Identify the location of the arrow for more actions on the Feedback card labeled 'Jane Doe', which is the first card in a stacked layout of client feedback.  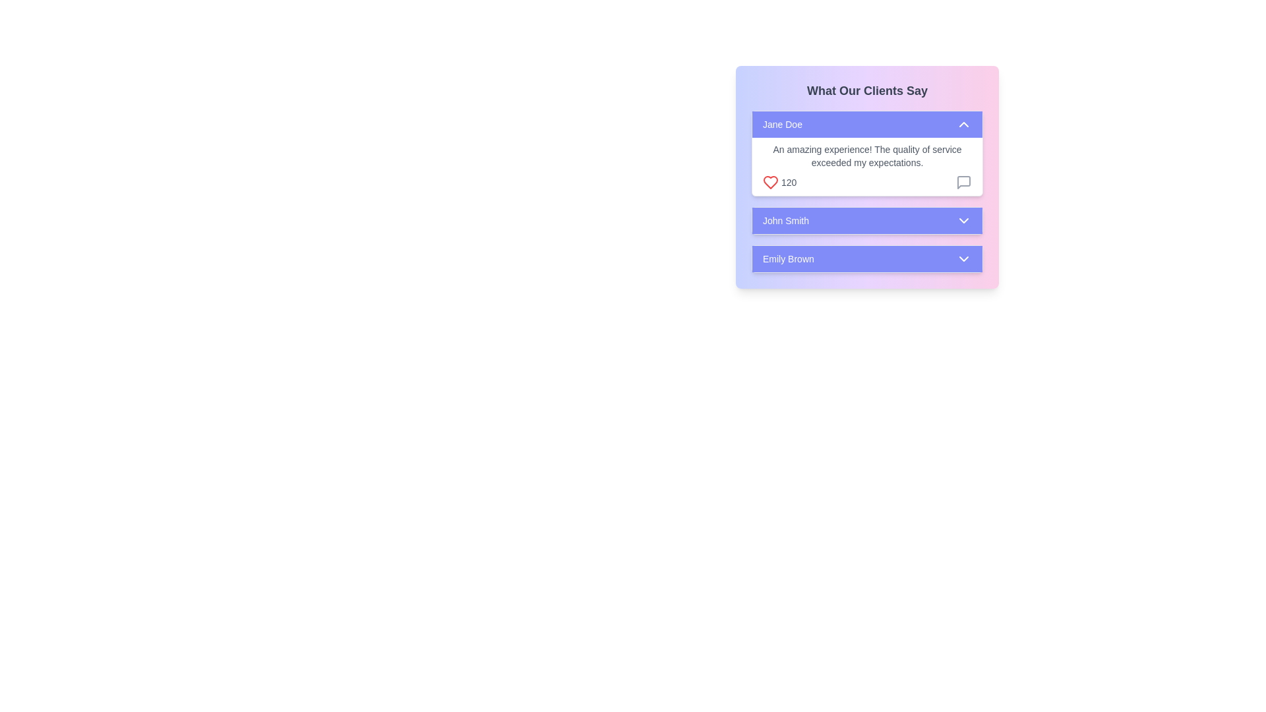
(867, 191).